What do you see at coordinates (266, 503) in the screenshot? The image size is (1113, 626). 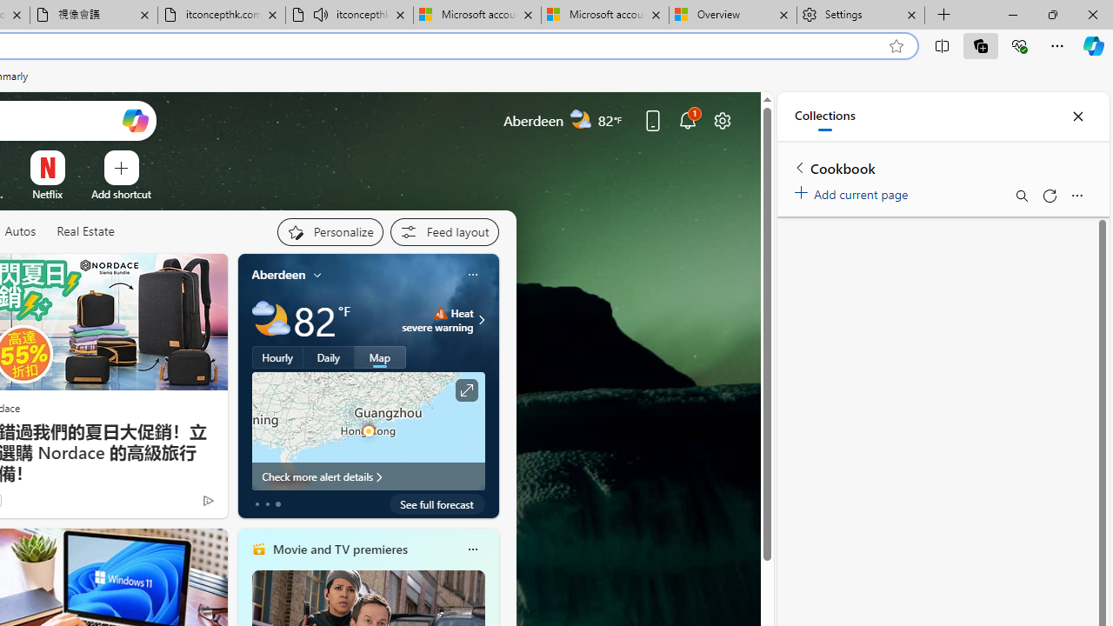 I see `'tab-1'` at bounding box center [266, 503].